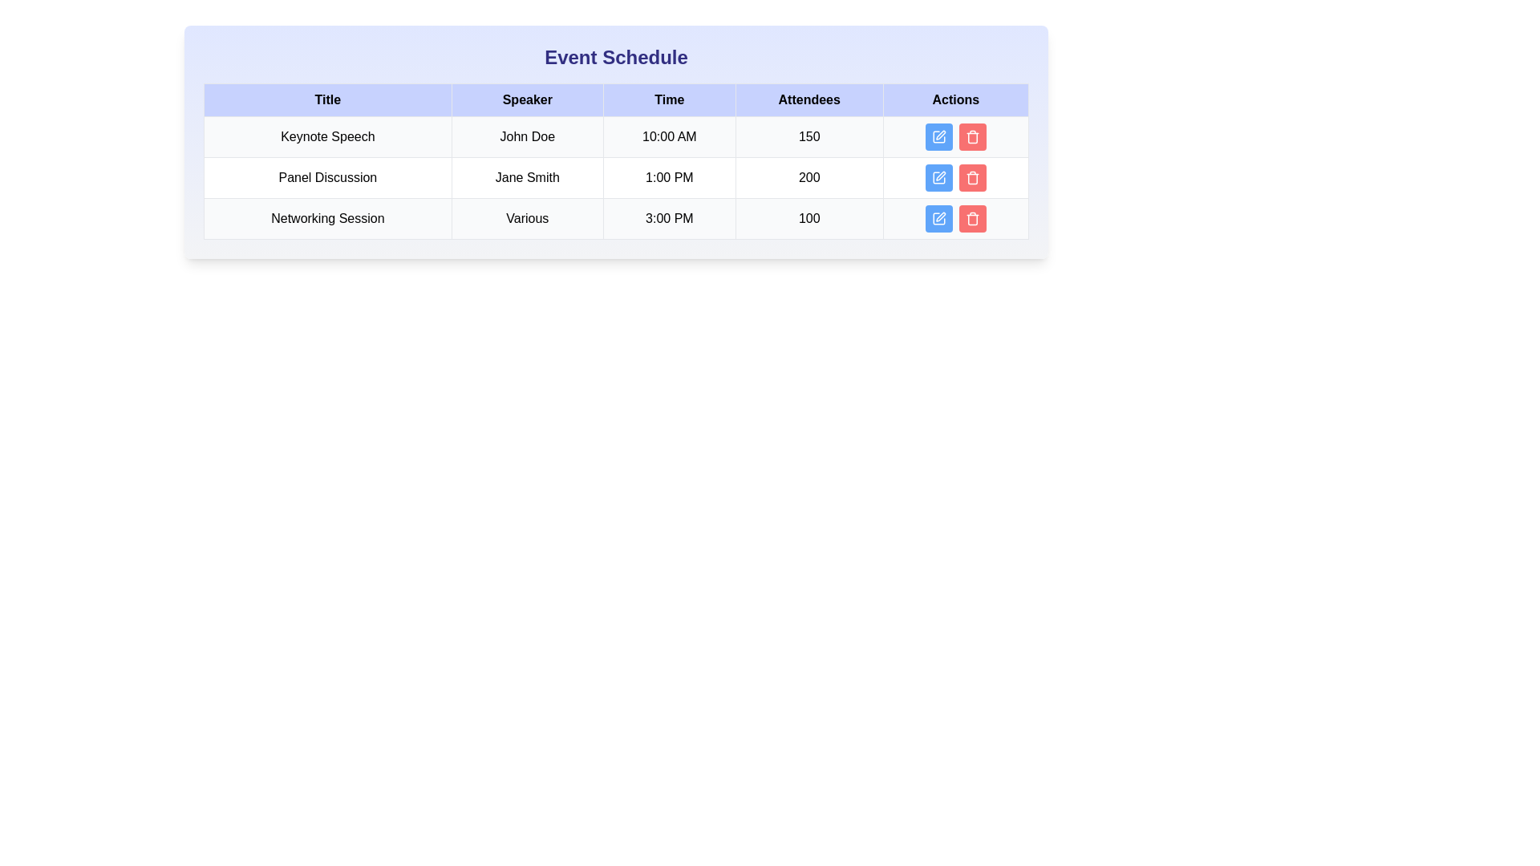  Describe the element at coordinates (971, 136) in the screenshot. I see `delete button for the event titled Keynote Speech` at that location.